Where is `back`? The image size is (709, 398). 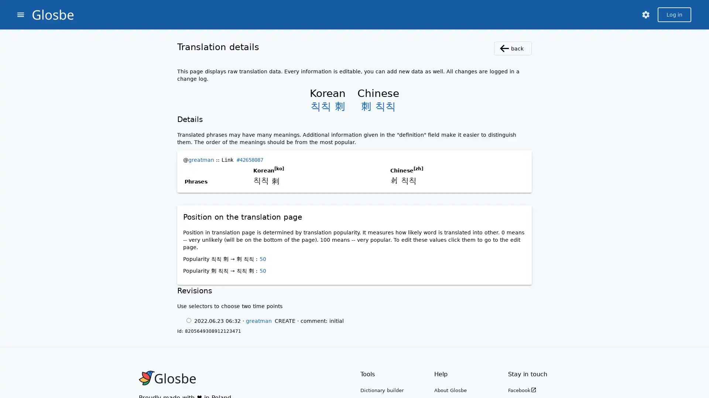 back is located at coordinates (512, 48).